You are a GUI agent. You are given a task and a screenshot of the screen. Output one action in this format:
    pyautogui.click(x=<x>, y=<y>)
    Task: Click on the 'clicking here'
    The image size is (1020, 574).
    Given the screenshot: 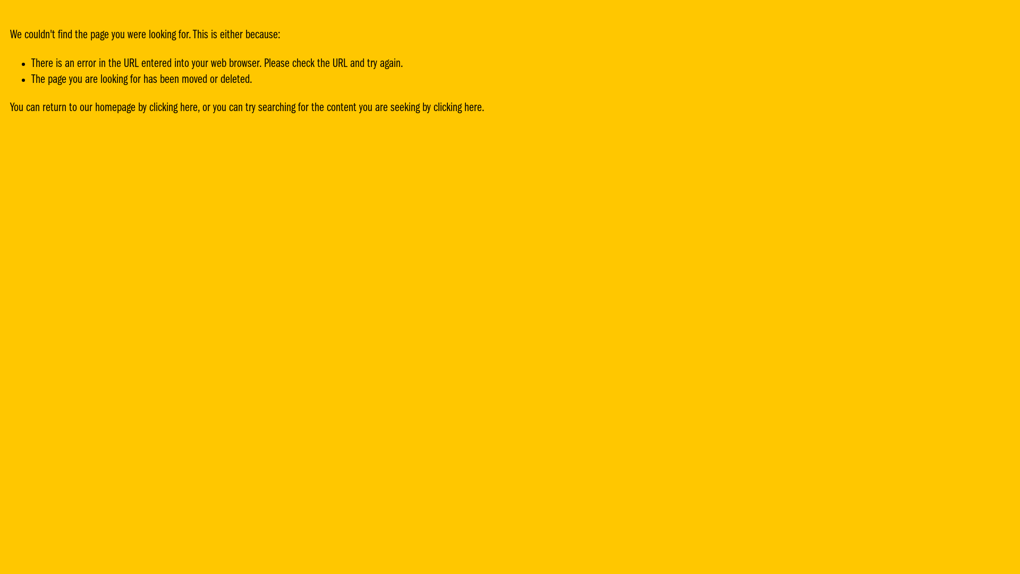 What is the action you would take?
    pyautogui.click(x=173, y=108)
    